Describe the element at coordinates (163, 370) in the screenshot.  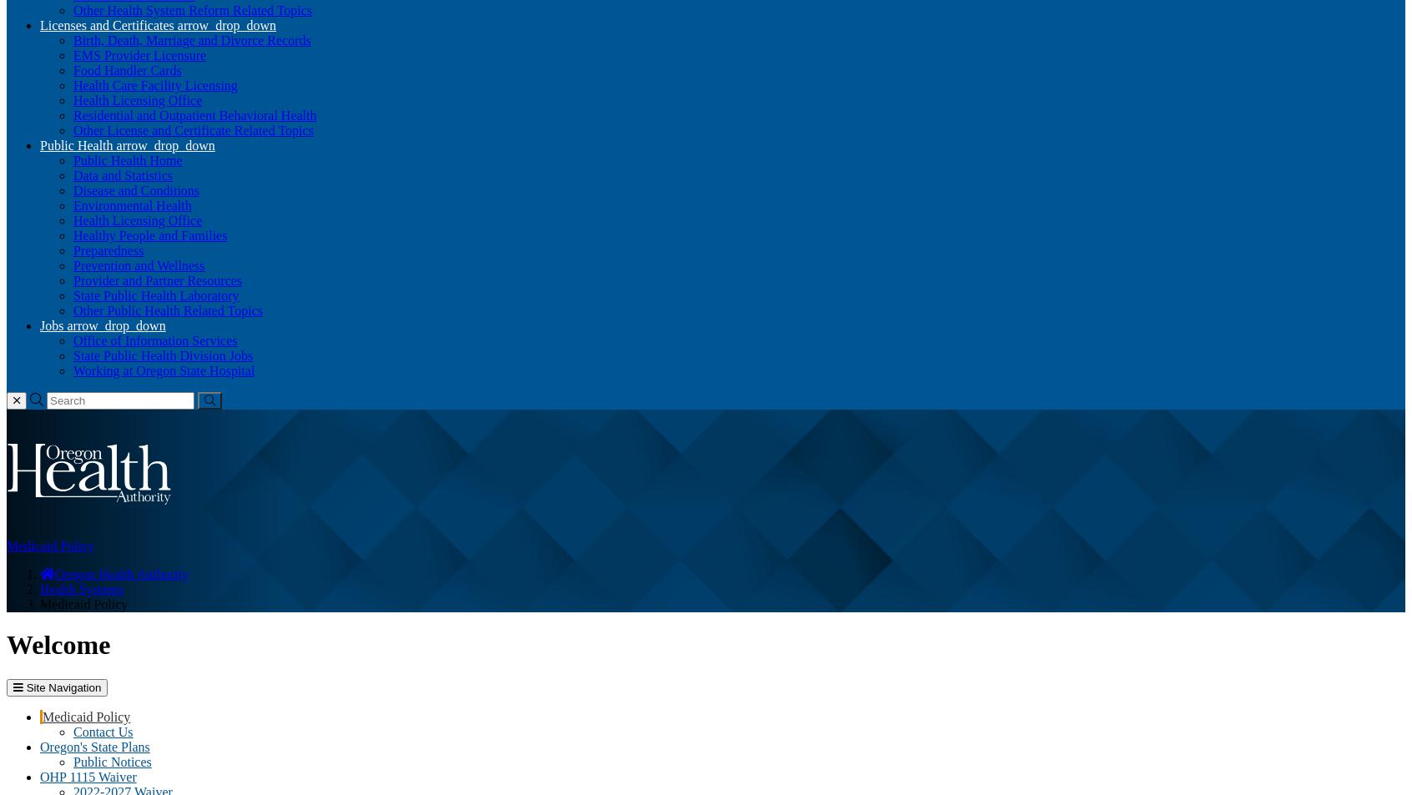
I see `'Working at Oregon State Hospital'` at that location.